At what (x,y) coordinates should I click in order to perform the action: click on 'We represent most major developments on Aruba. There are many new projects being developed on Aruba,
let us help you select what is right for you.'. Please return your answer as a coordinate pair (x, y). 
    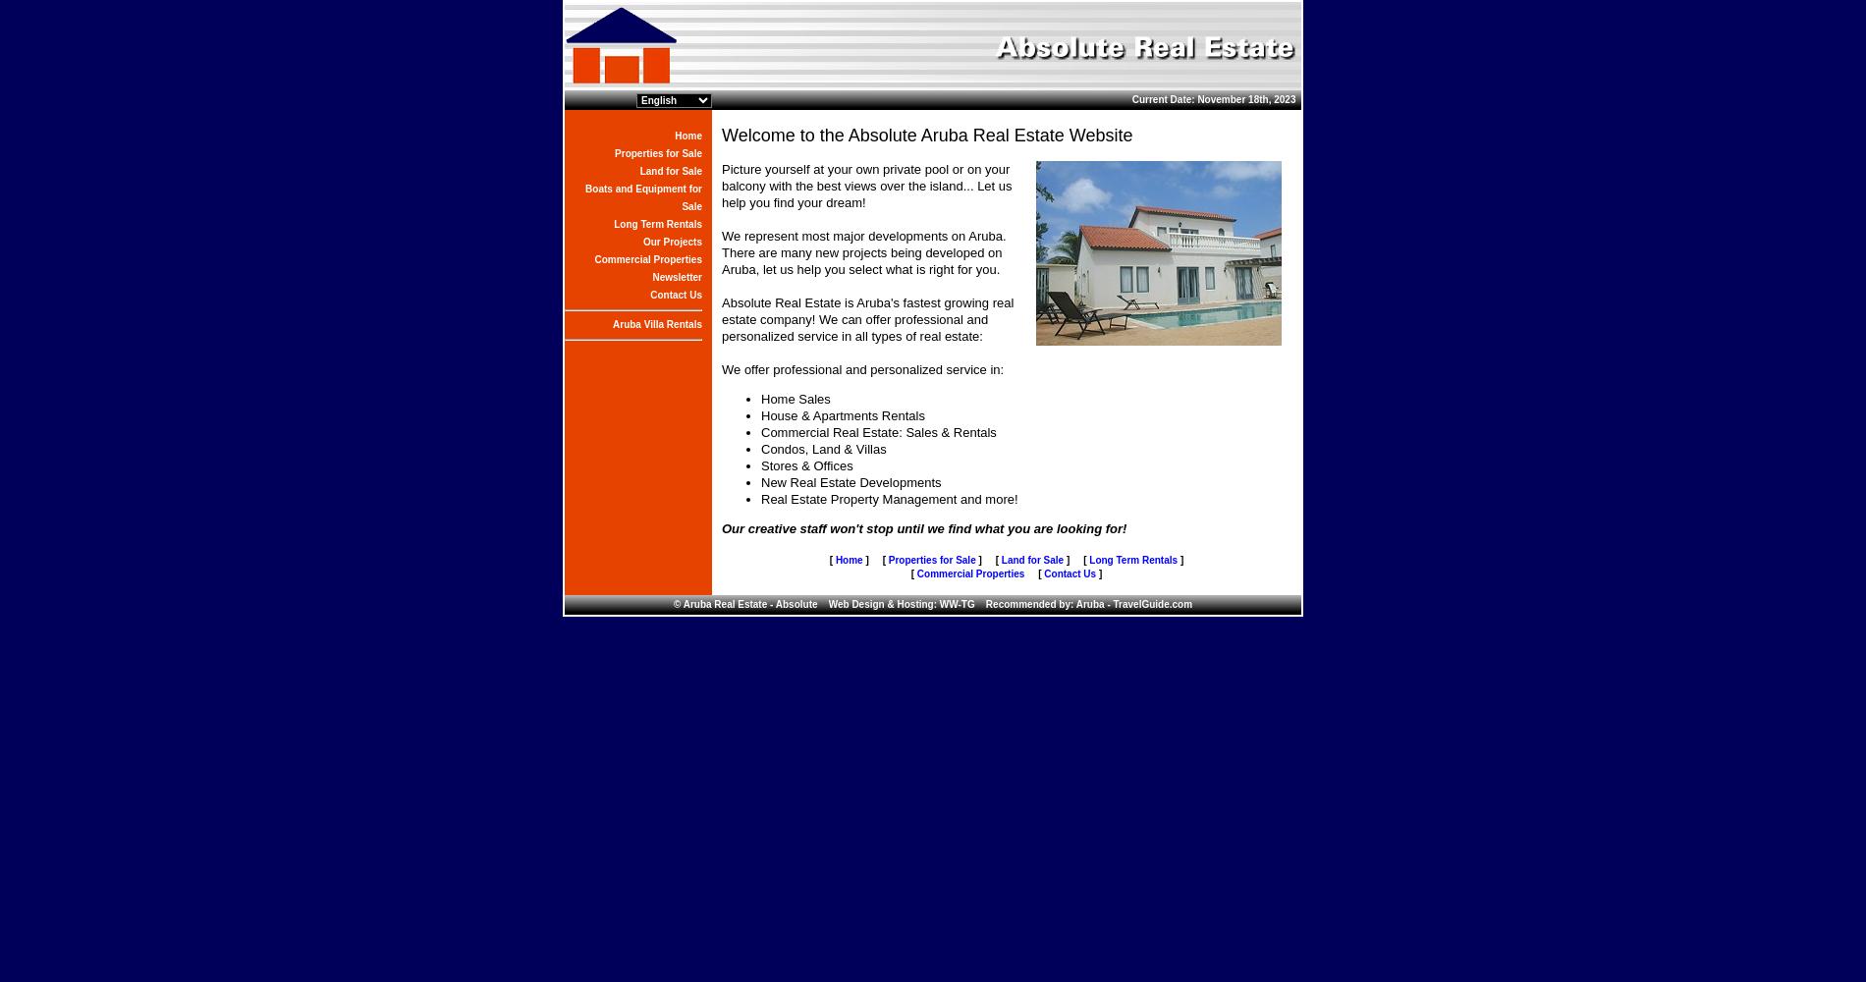
    Looking at the image, I should click on (862, 252).